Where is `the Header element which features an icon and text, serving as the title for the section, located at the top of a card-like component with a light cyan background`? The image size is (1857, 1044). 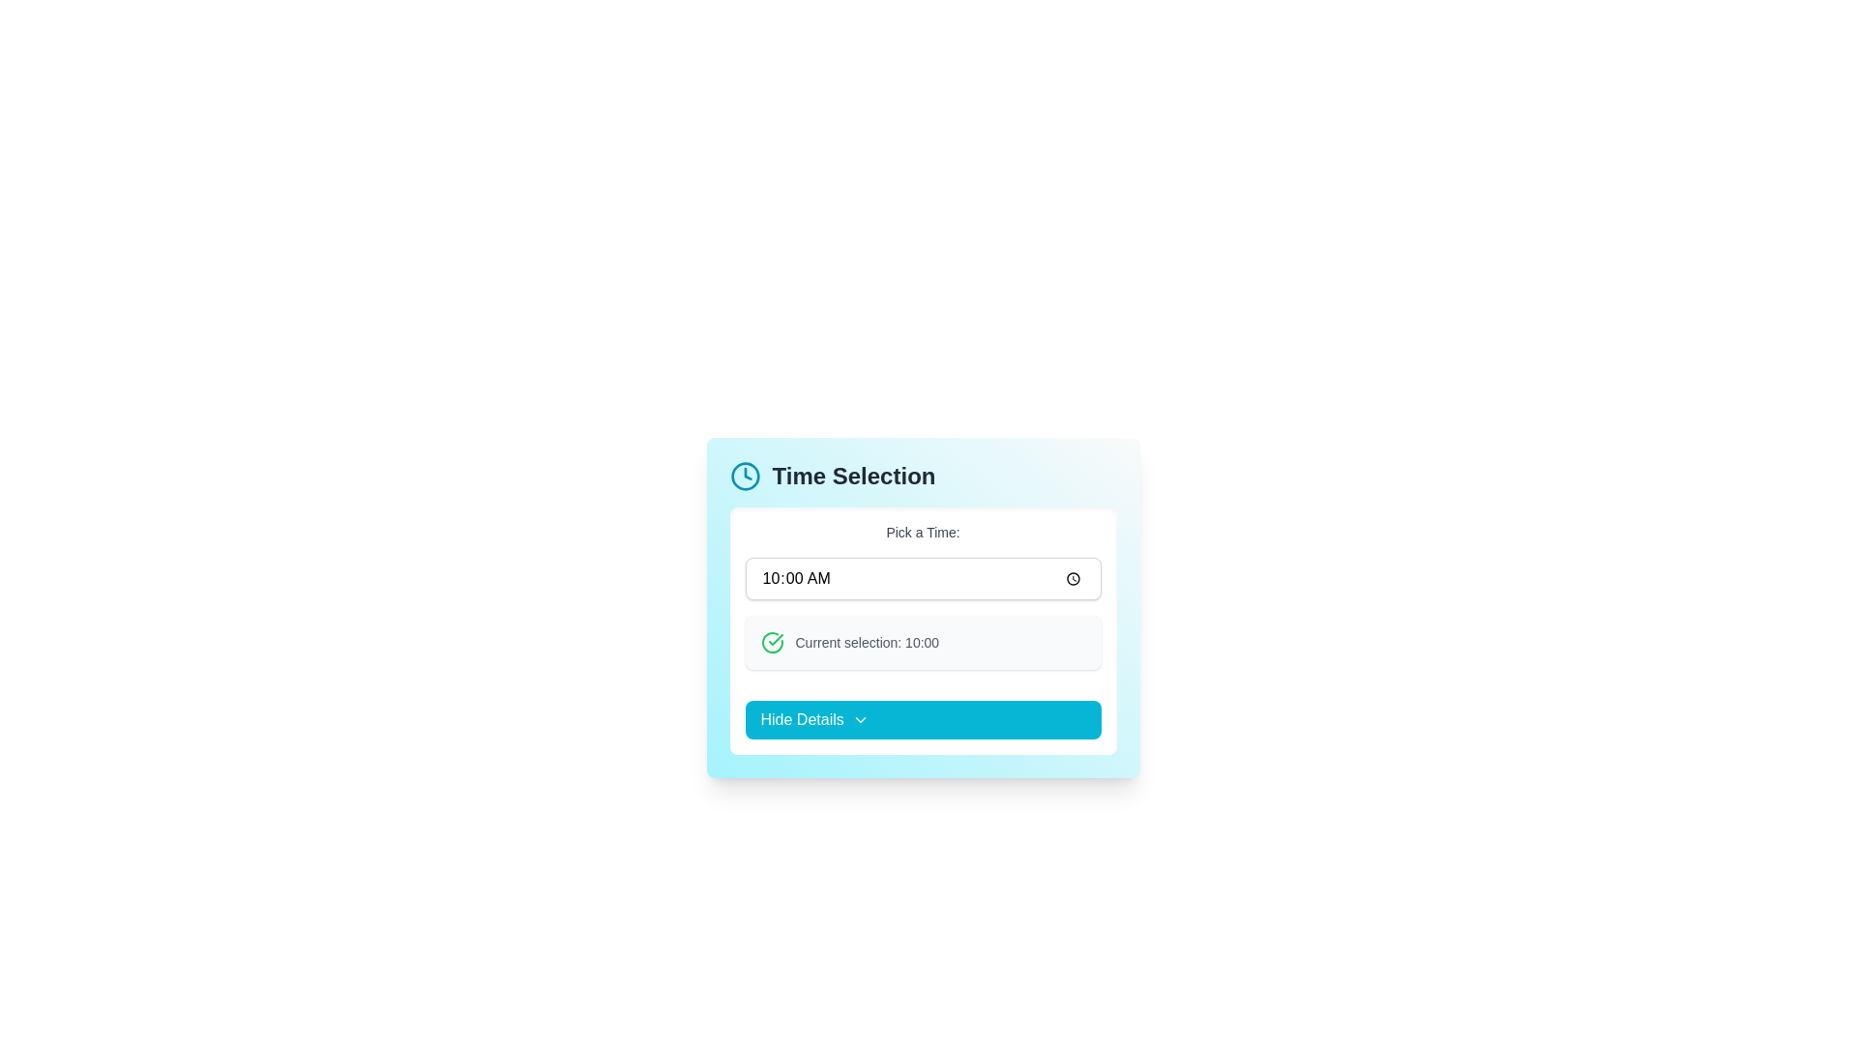
the Header element which features an icon and text, serving as the title for the section, located at the top of a card-like component with a light cyan background is located at coordinates (922, 477).